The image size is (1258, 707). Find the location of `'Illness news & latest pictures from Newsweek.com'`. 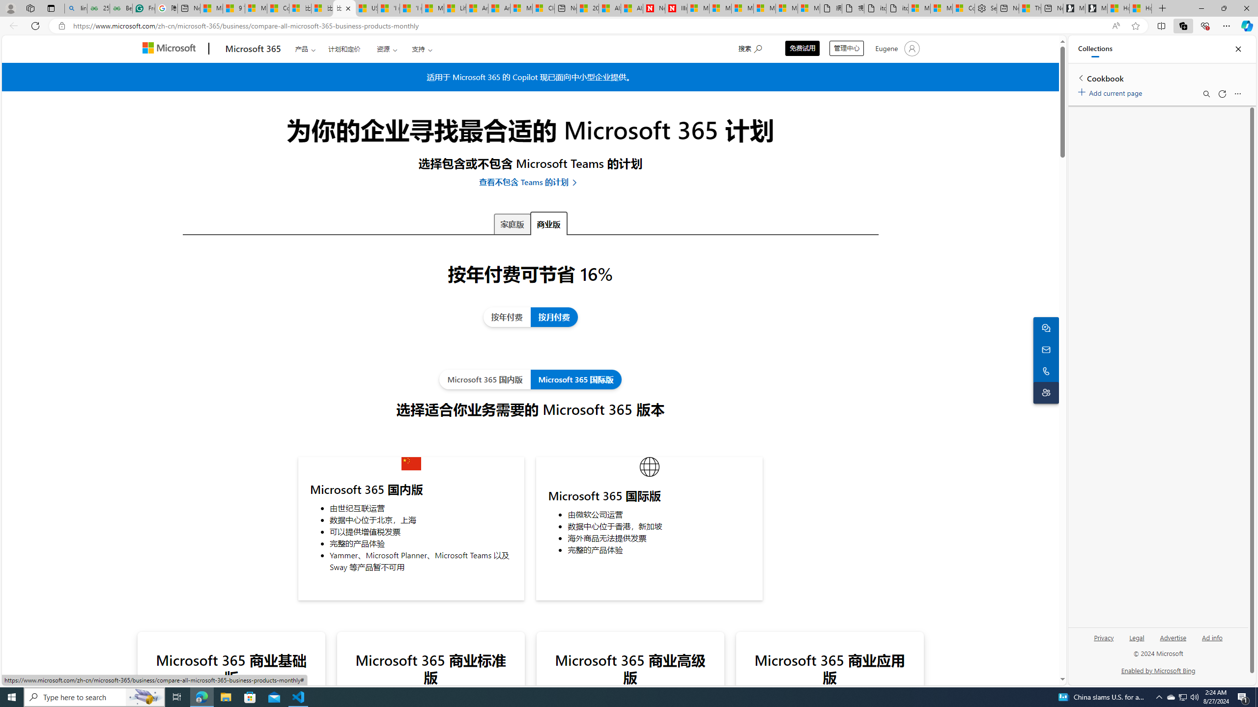

'Illness news & latest pictures from Newsweek.com' is located at coordinates (676, 8).